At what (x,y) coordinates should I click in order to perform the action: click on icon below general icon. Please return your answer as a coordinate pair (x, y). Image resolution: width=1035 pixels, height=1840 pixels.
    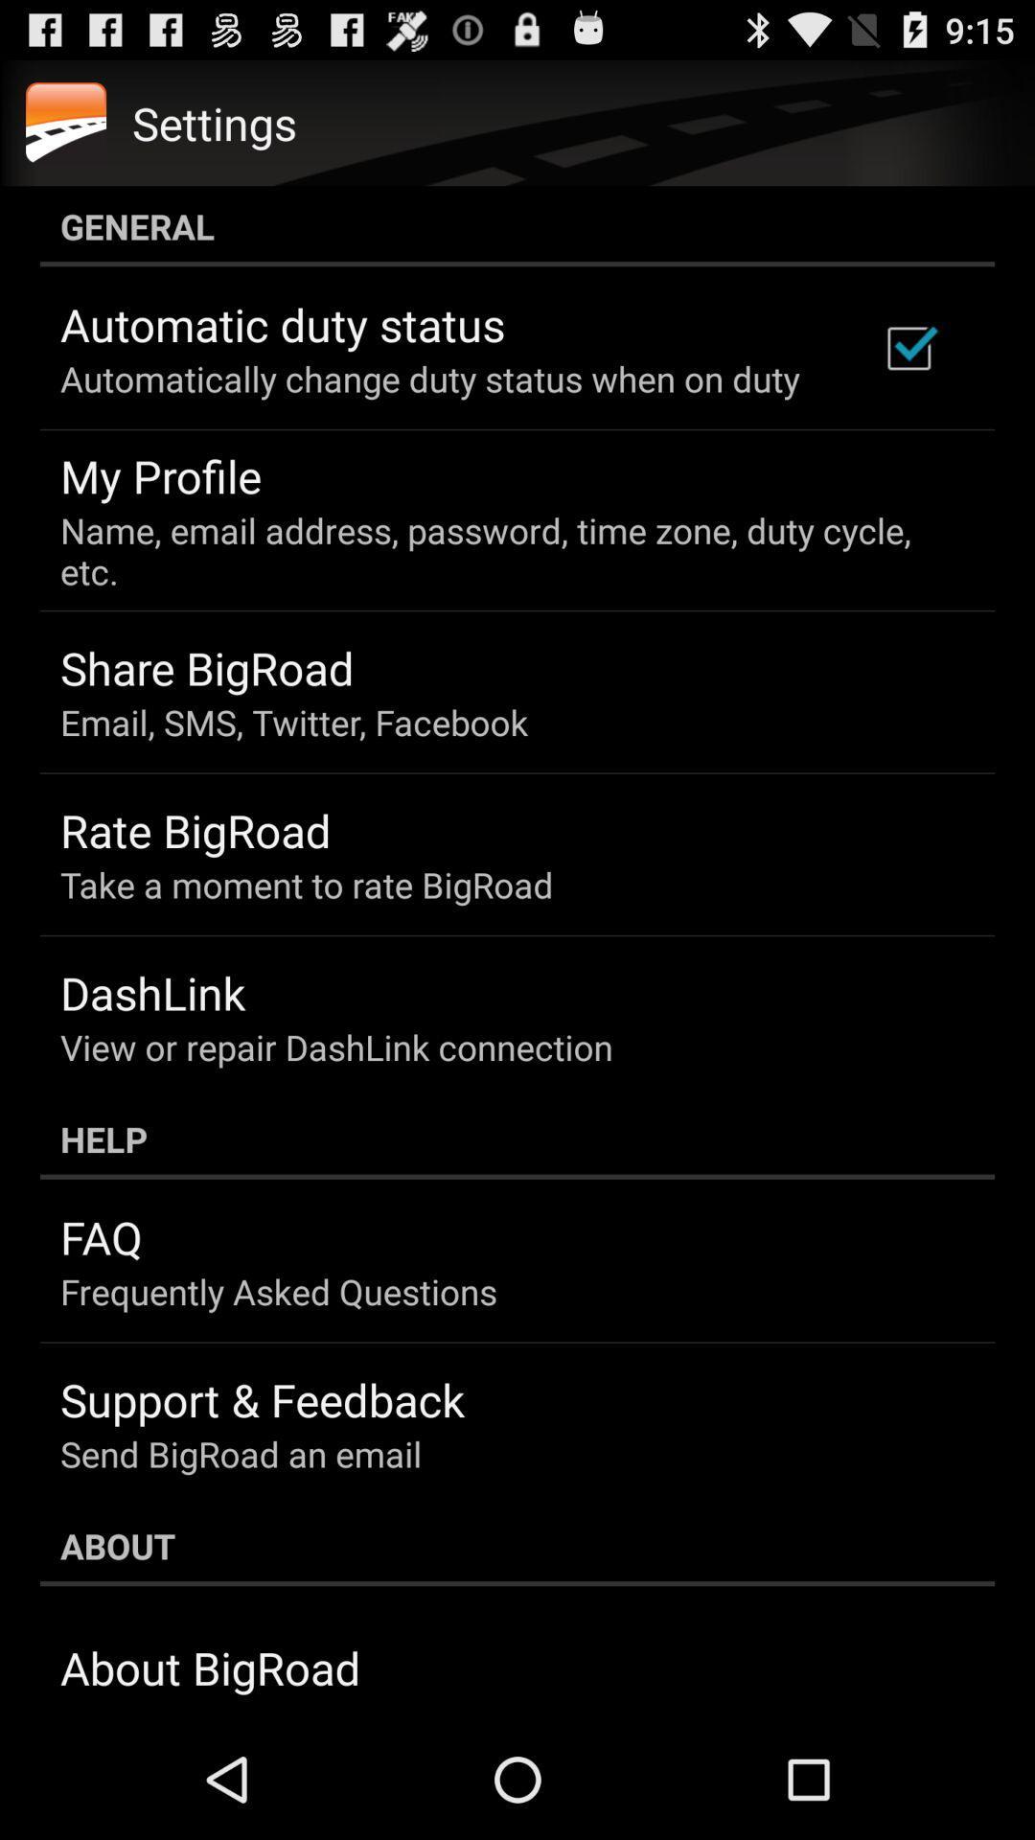
    Looking at the image, I should click on (908, 348).